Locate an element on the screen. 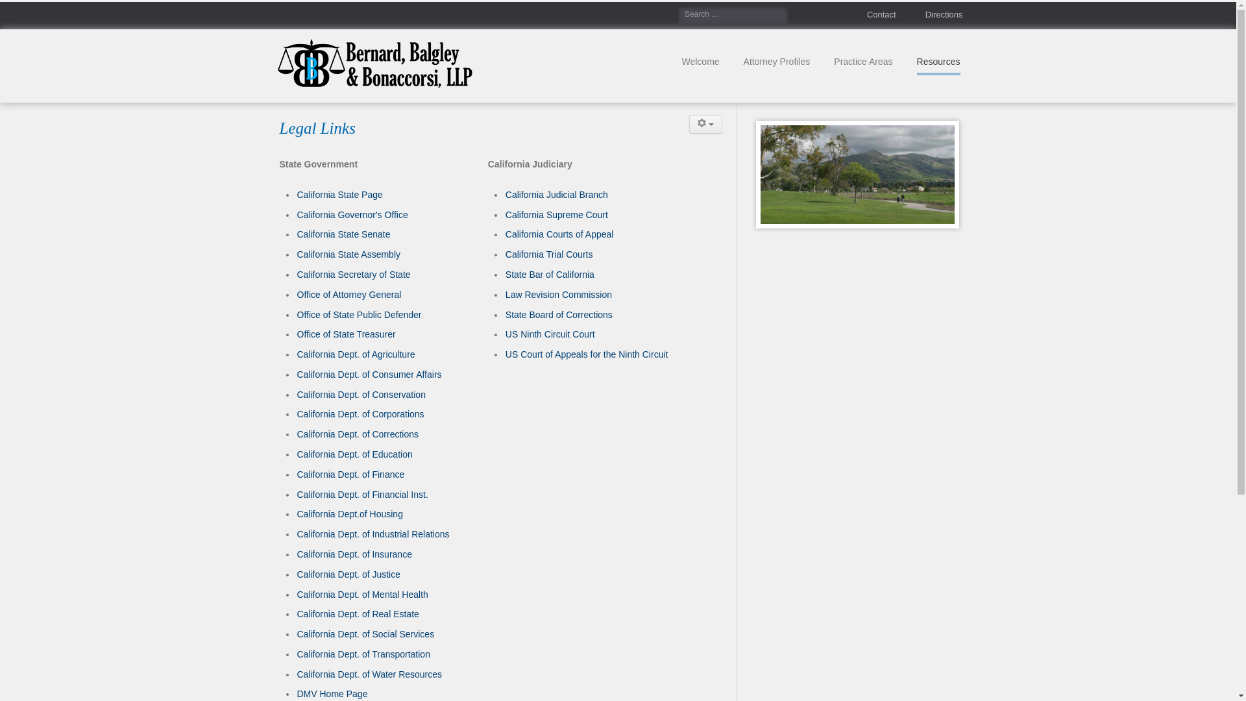 The height and width of the screenshot is (701, 1246). 'California Governor's Office' is located at coordinates (352, 214).